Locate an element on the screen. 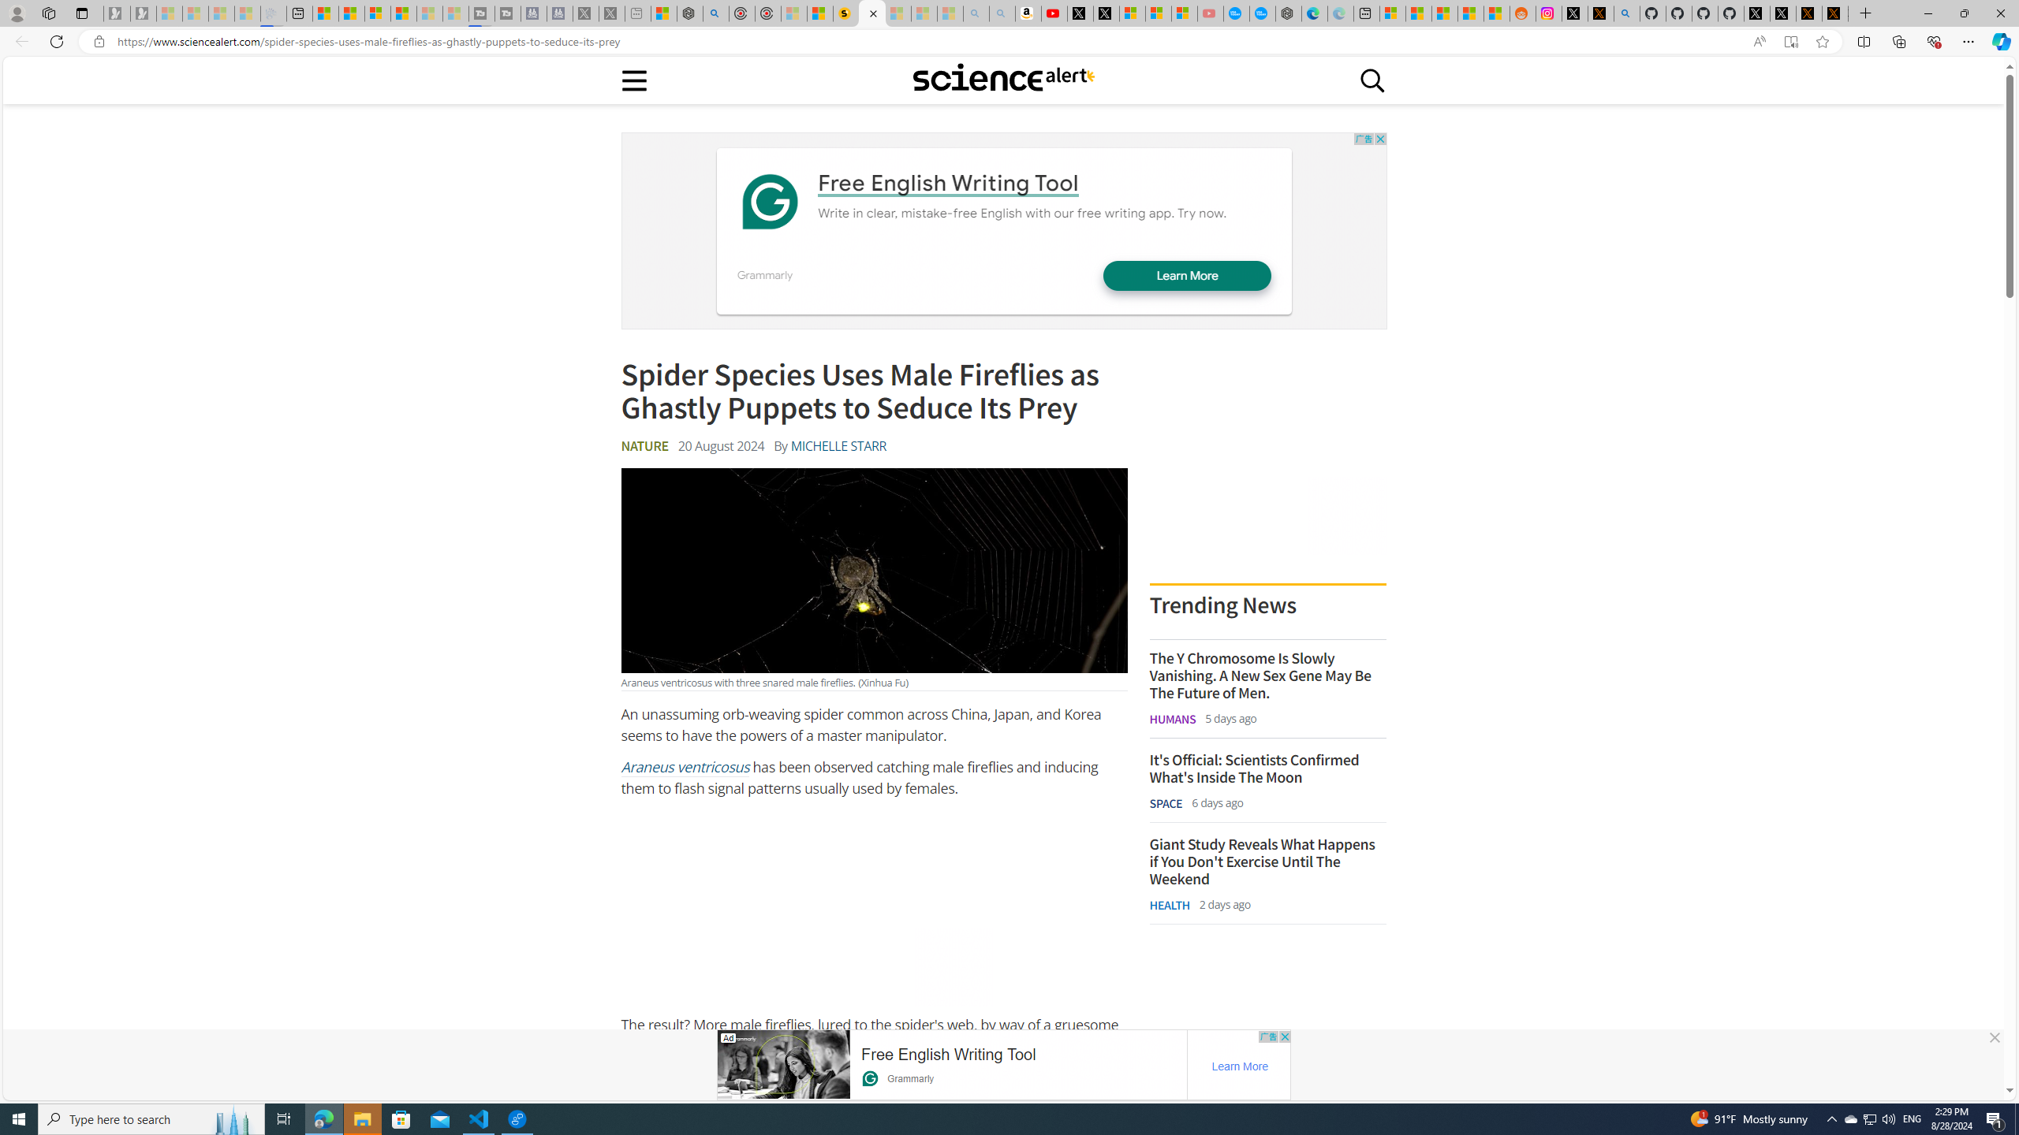 Image resolution: width=2019 pixels, height=1135 pixels. 'Amazon Echo Dot PNG - Search Images - Sleeping' is located at coordinates (1002, 13).